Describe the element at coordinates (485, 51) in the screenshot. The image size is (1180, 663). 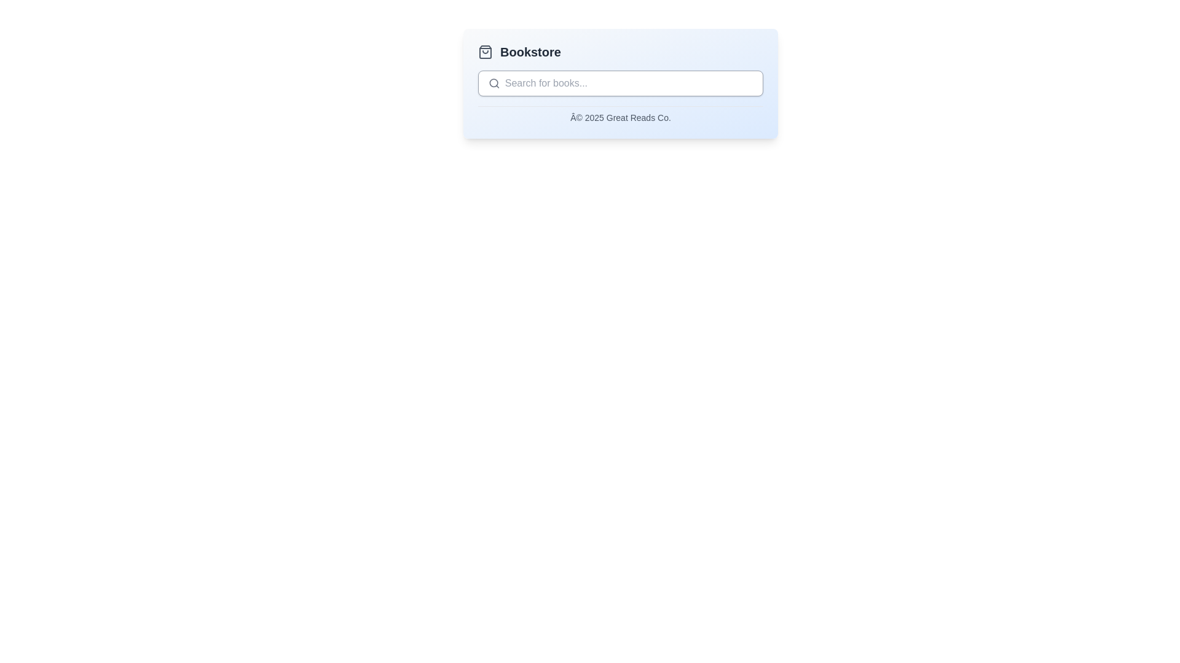
I see `visual icon representing the marketplace or shopping context, which is the leftmost element before the bold text 'Bookstore.'` at that location.